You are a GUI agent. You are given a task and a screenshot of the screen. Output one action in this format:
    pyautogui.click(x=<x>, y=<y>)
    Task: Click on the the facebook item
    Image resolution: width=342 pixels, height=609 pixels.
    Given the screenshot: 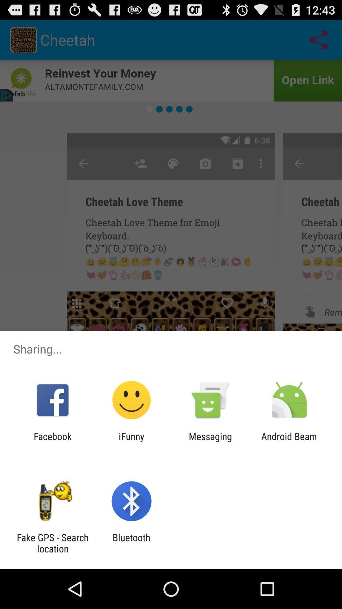 What is the action you would take?
    pyautogui.click(x=52, y=442)
    